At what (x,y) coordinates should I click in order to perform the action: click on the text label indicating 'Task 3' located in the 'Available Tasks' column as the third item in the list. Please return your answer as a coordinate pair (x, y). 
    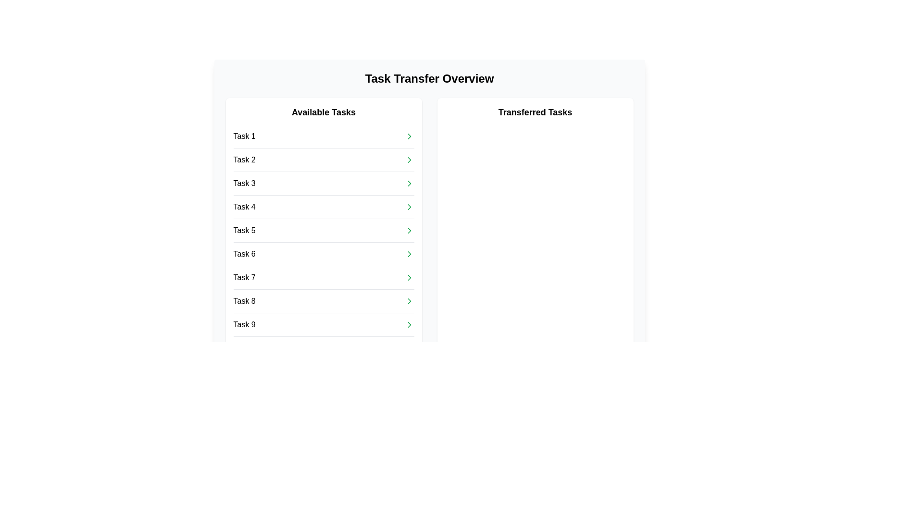
    Looking at the image, I should click on (244, 183).